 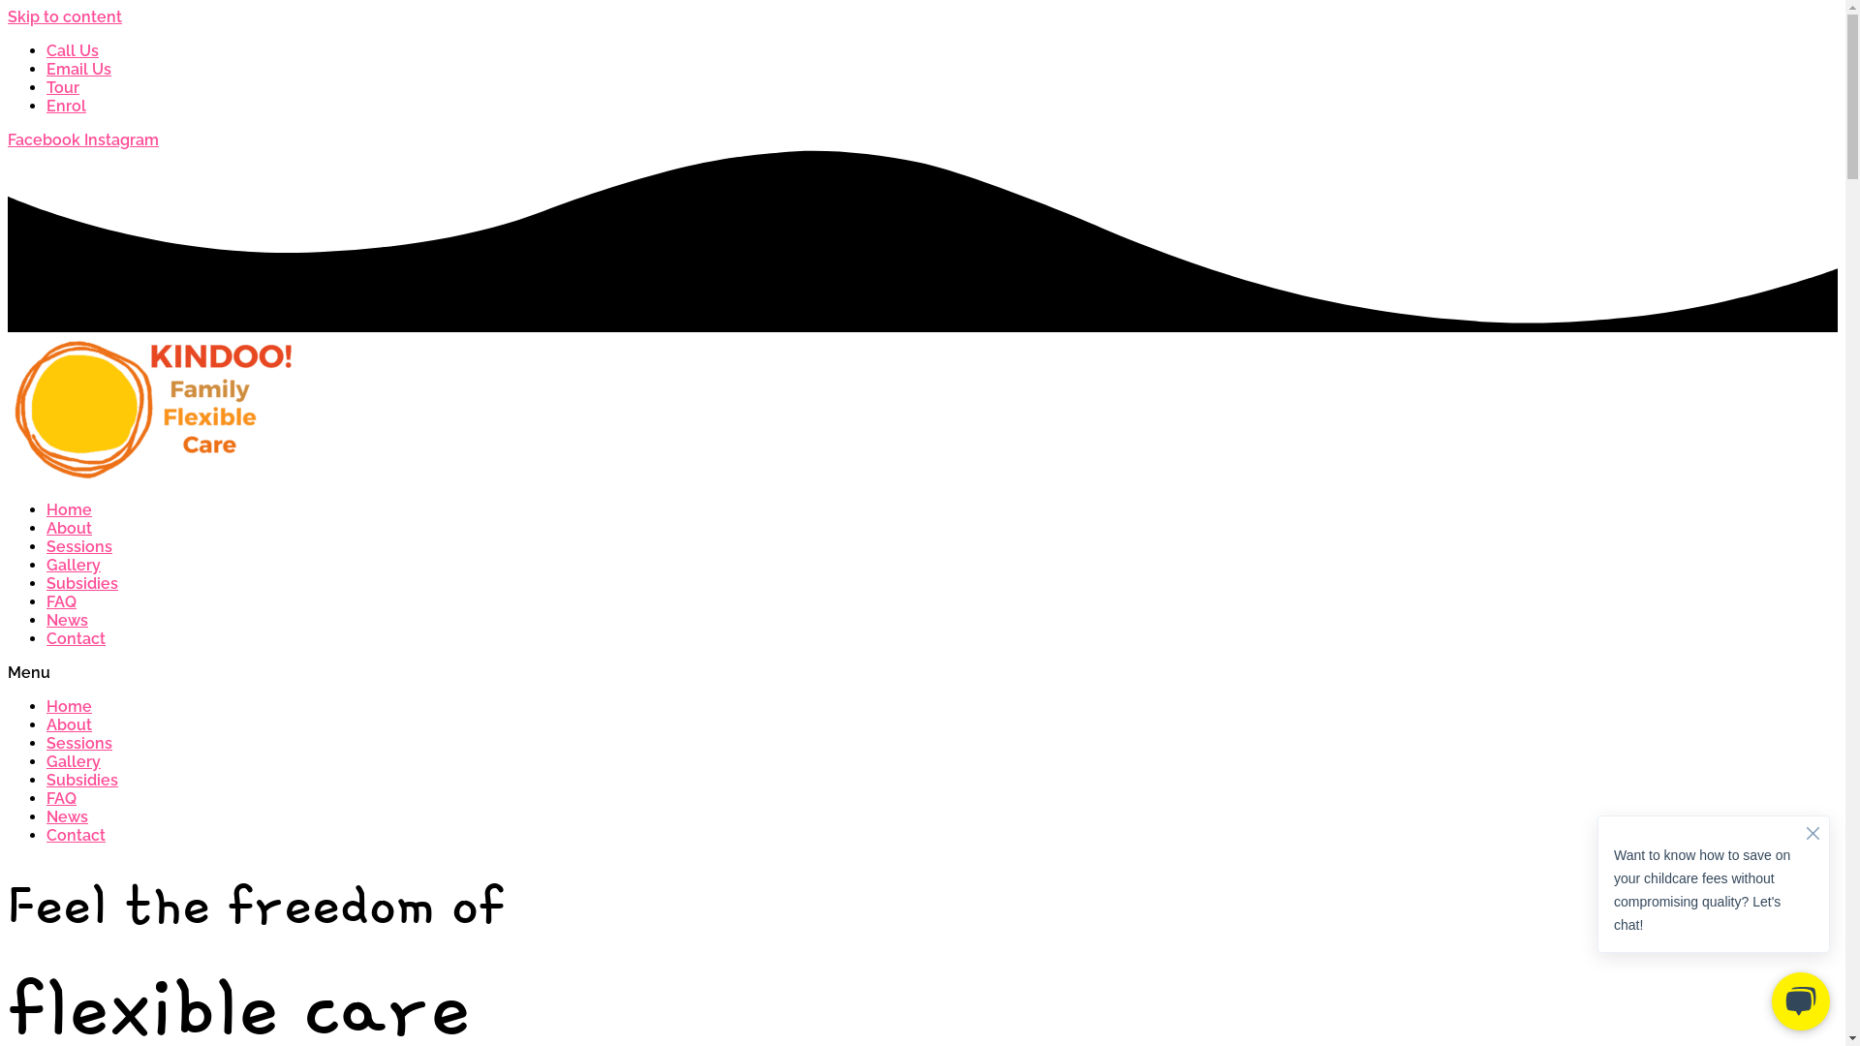 I want to click on 'Home', so click(x=69, y=706).